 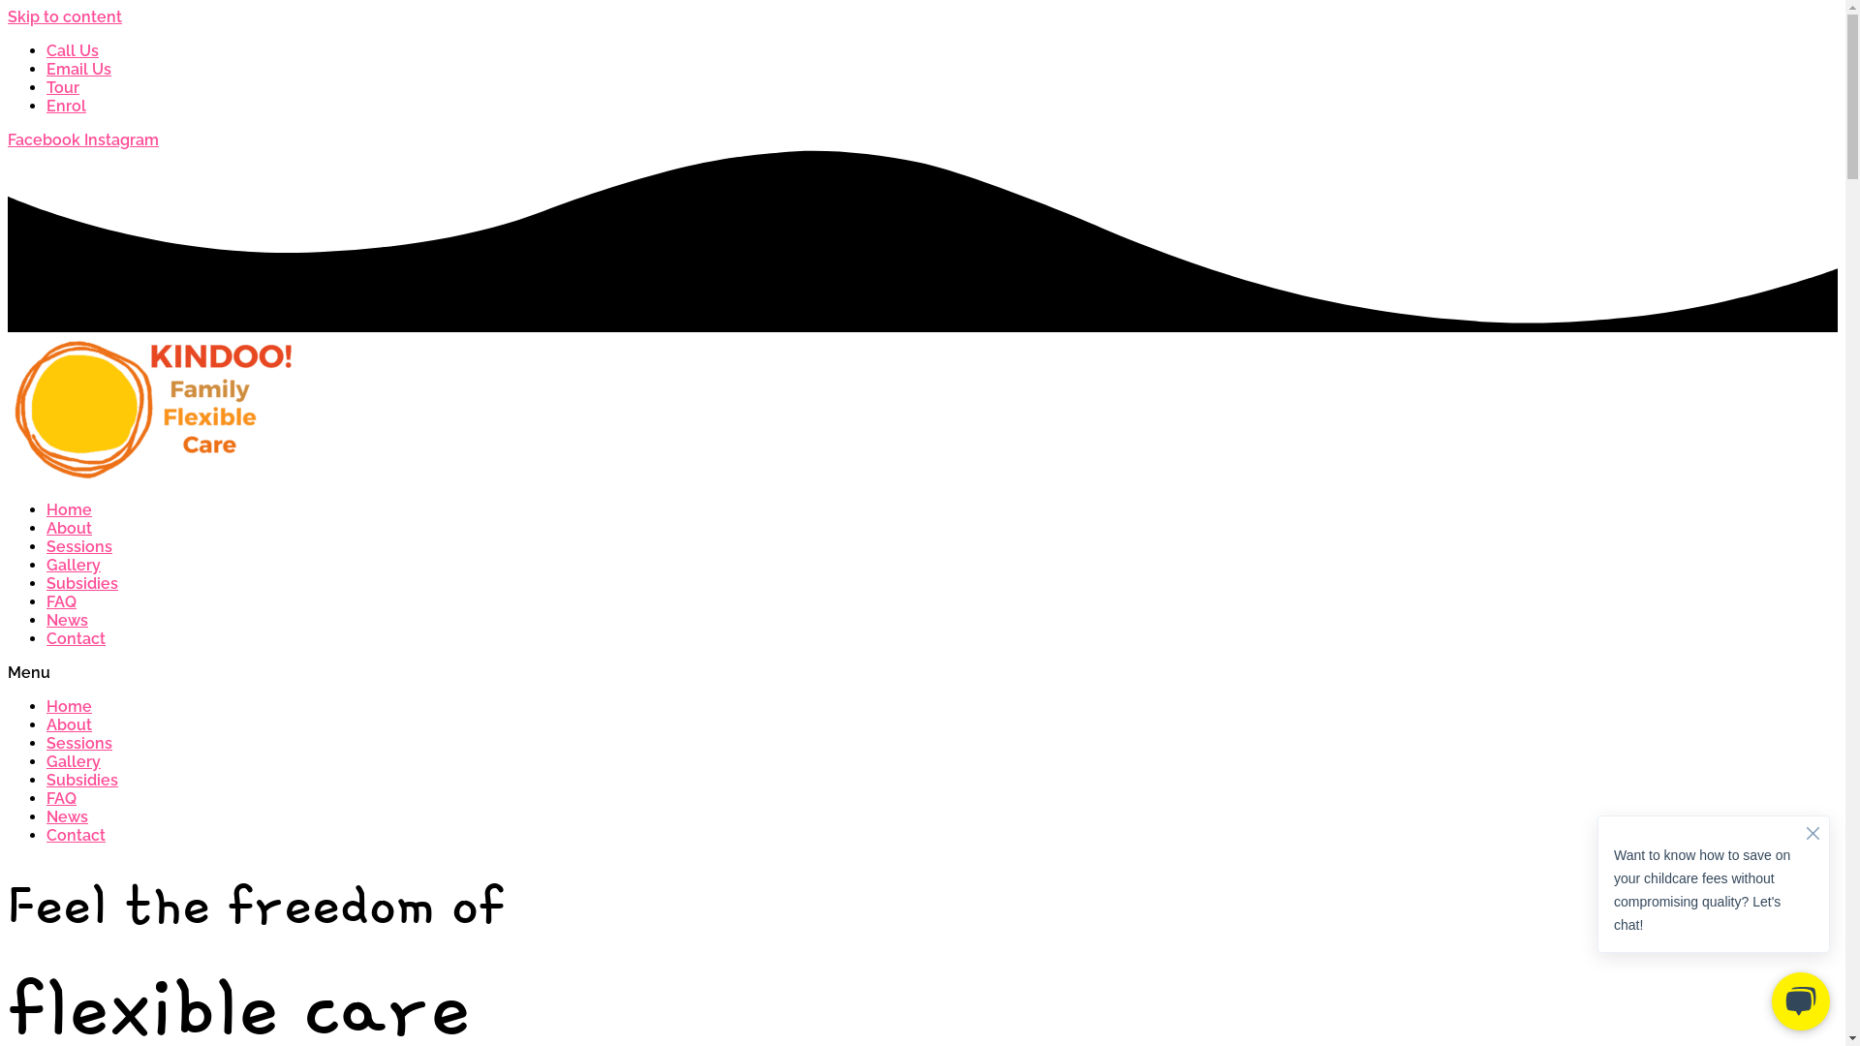 I want to click on 'Home', so click(x=69, y=706).